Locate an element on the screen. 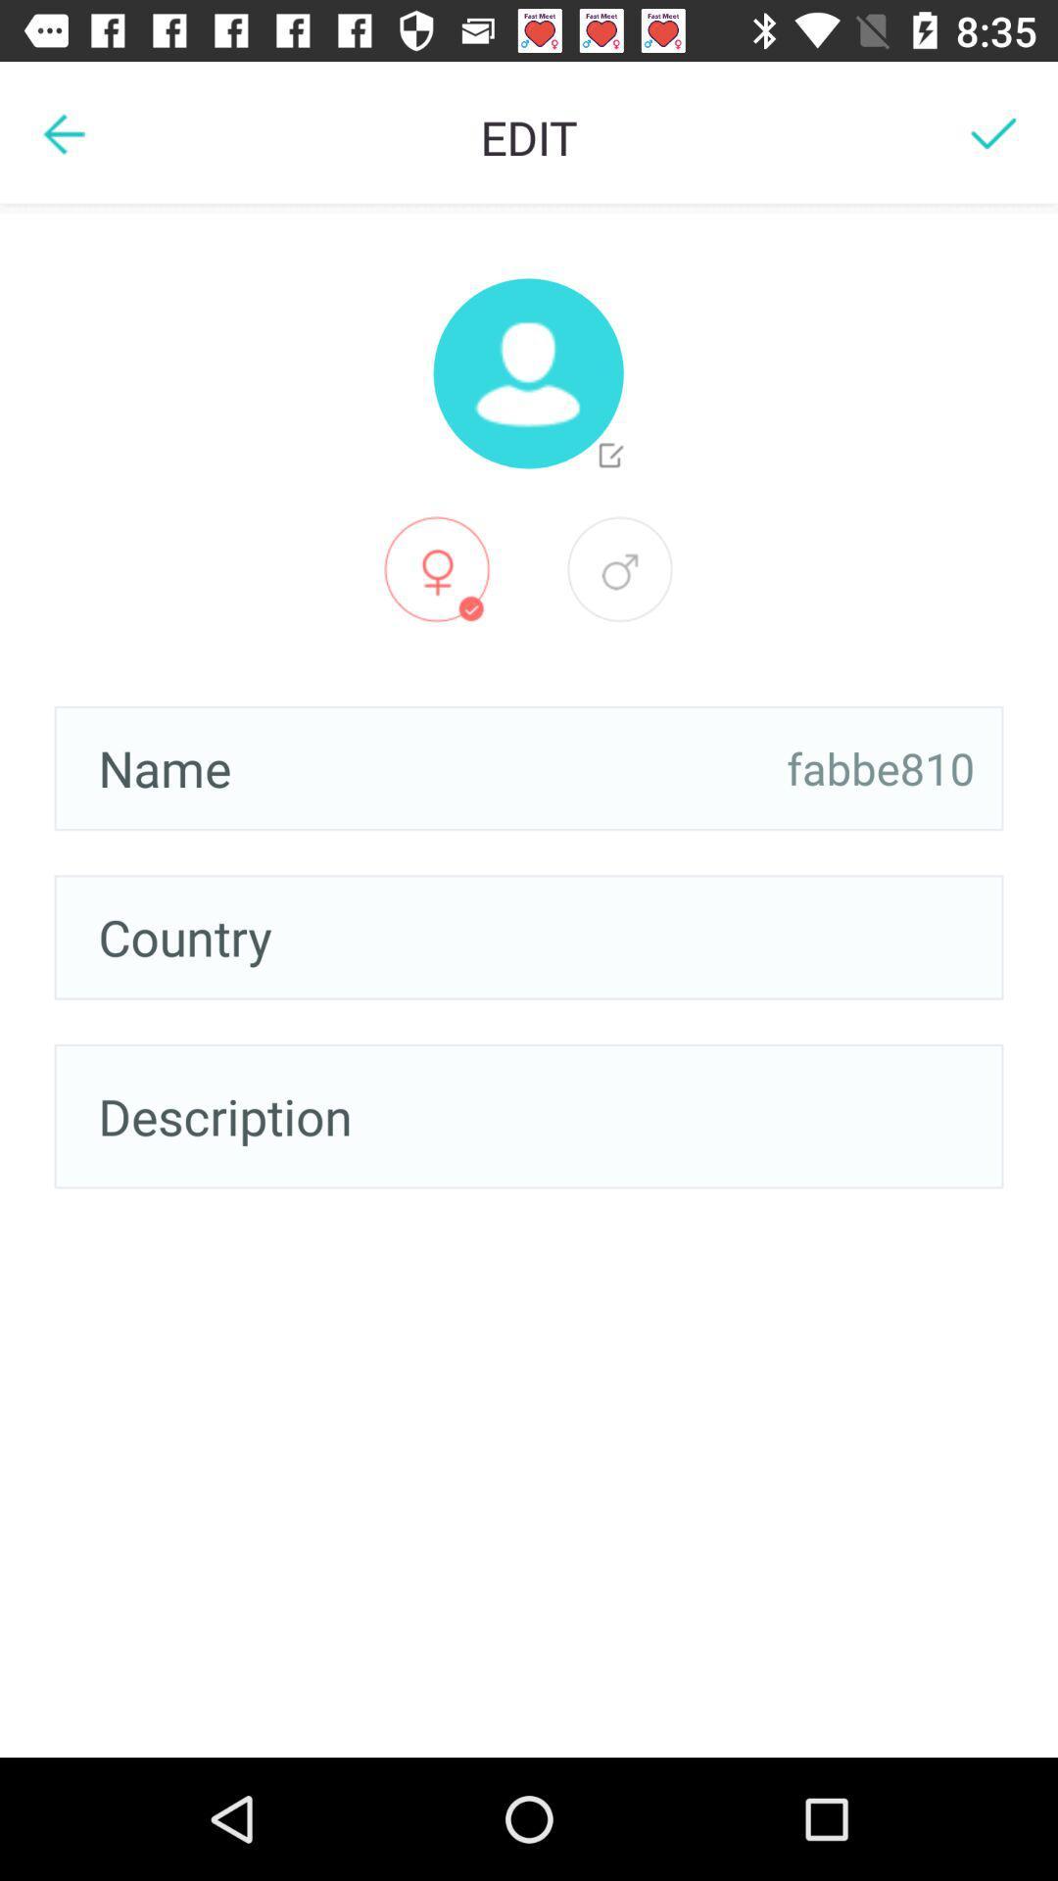 This screenshot has height=1881, width=1058. the fabbe810 is located at coordinates (880, 767).